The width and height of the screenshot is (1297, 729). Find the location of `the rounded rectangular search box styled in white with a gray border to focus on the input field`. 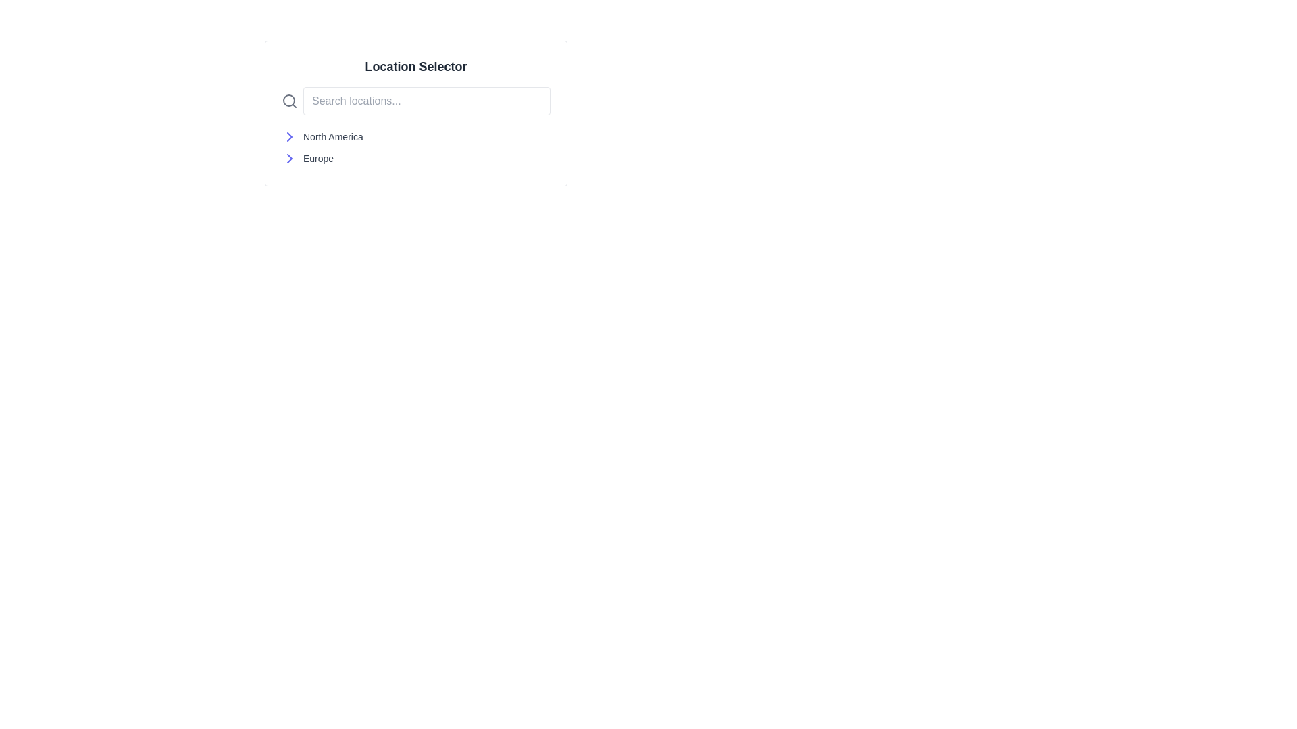

the rounded rectangular search box styled in white with a gray border to focus on the input field is located at coordinates (415, 113).